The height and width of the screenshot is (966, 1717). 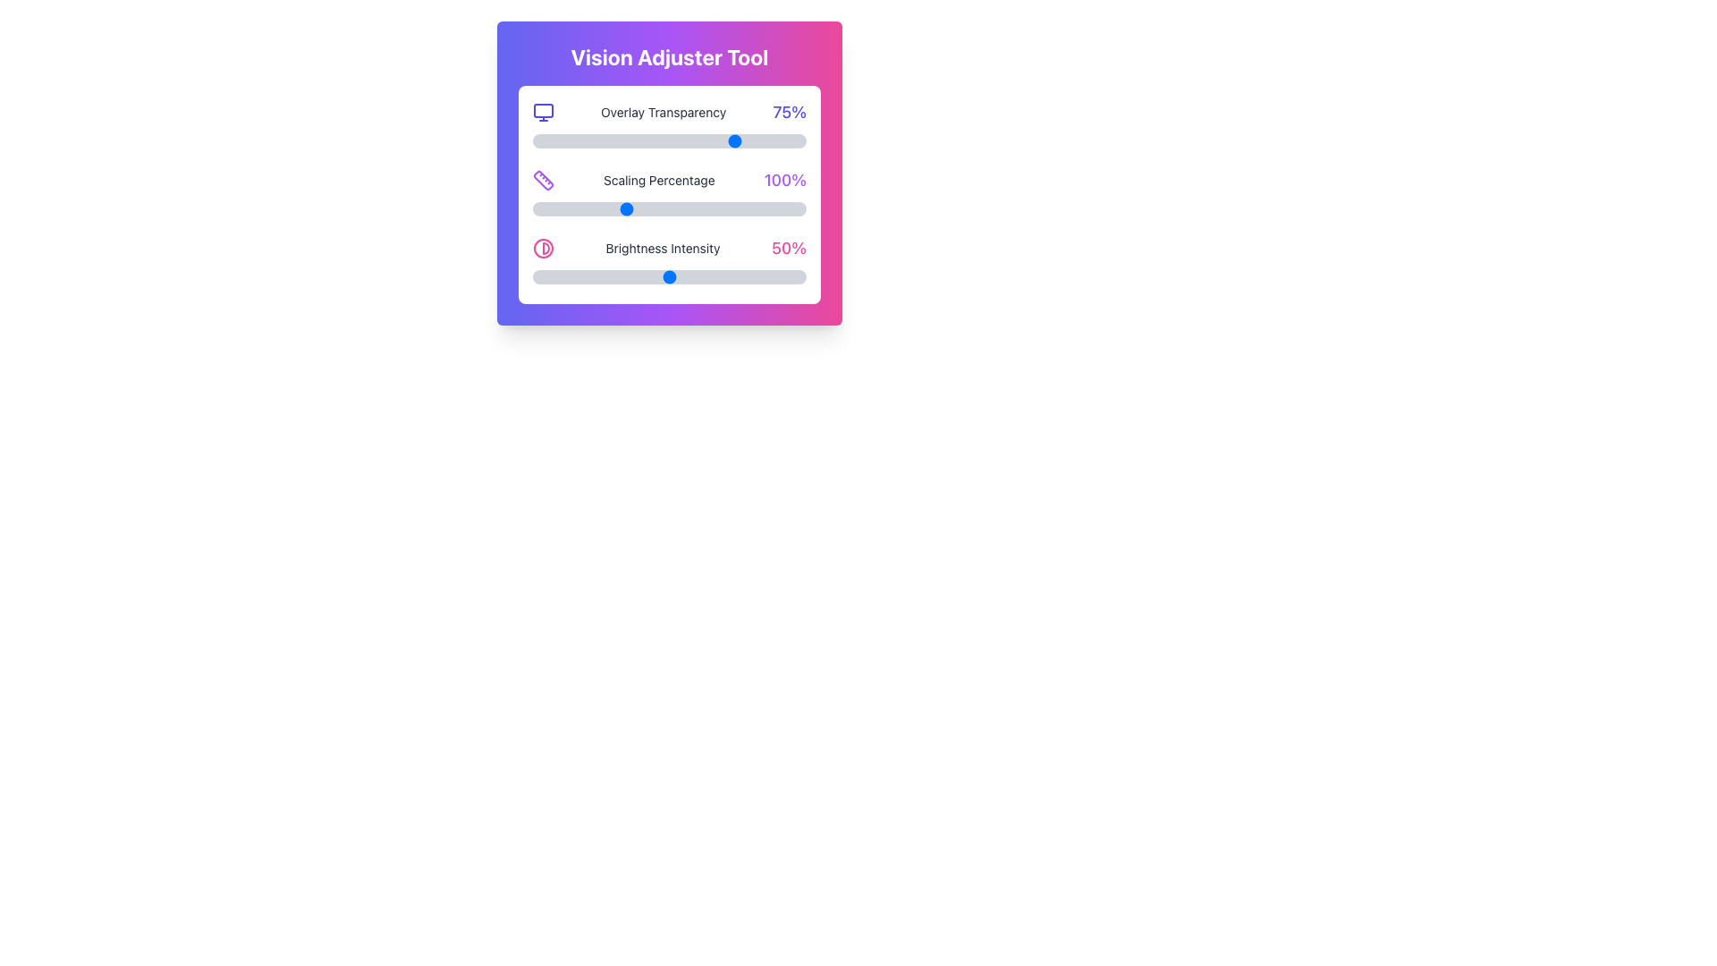 What do you see at coordinates (543, 180) in the screenshot?
I see `the minimalist purple ruler icon located in the second row of the 'Vision Adjuster Tool' card interface, next to the 'Scaling Percentage' label` at bounding box center [543, 180].